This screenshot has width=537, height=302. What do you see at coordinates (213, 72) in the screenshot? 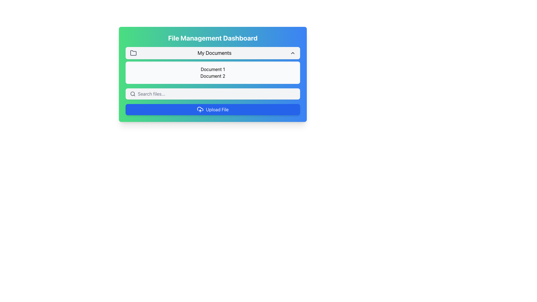
I see `the rectangular section with a light gray background that contains the centered text 'Document 1' and 'Document 2', located below the 'My Documents' section in the 'File Management Dashboard'` at bounding box center [213, 72].